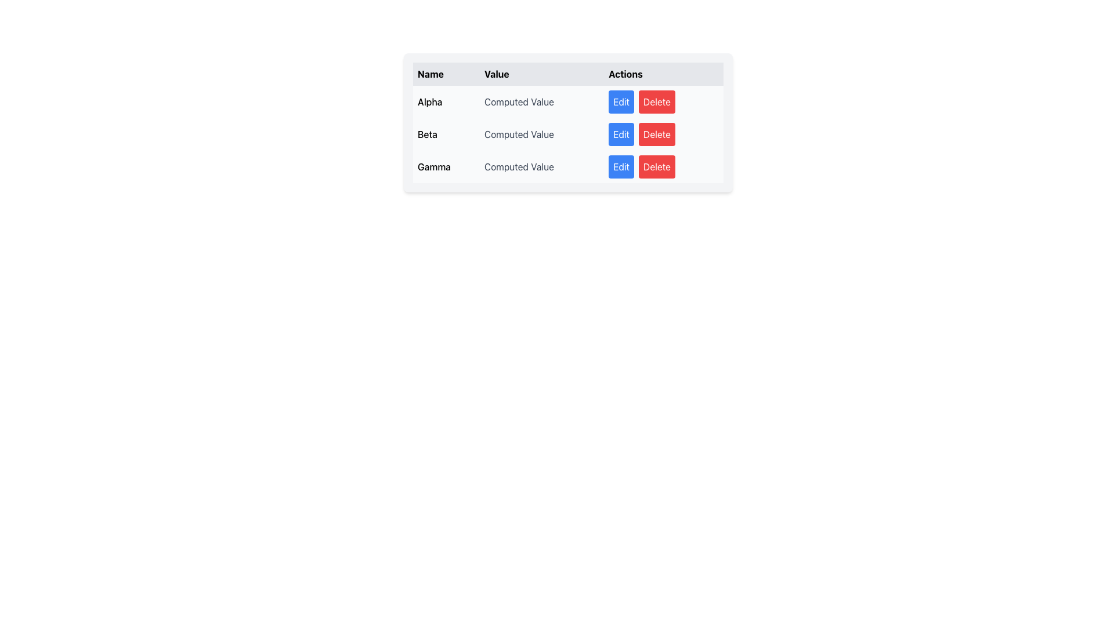 The width and height of the screenshot is (1114, 626). I want to click on the delete button located in the 'Actions' column of the data table, so click(657, 167).